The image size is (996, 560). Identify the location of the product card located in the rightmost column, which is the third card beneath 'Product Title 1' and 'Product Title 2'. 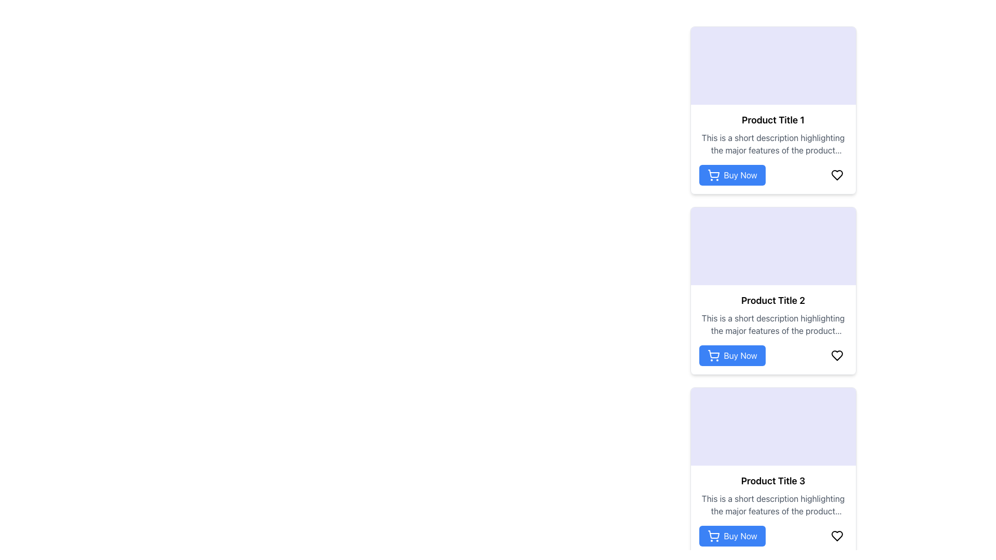
(773, 471).